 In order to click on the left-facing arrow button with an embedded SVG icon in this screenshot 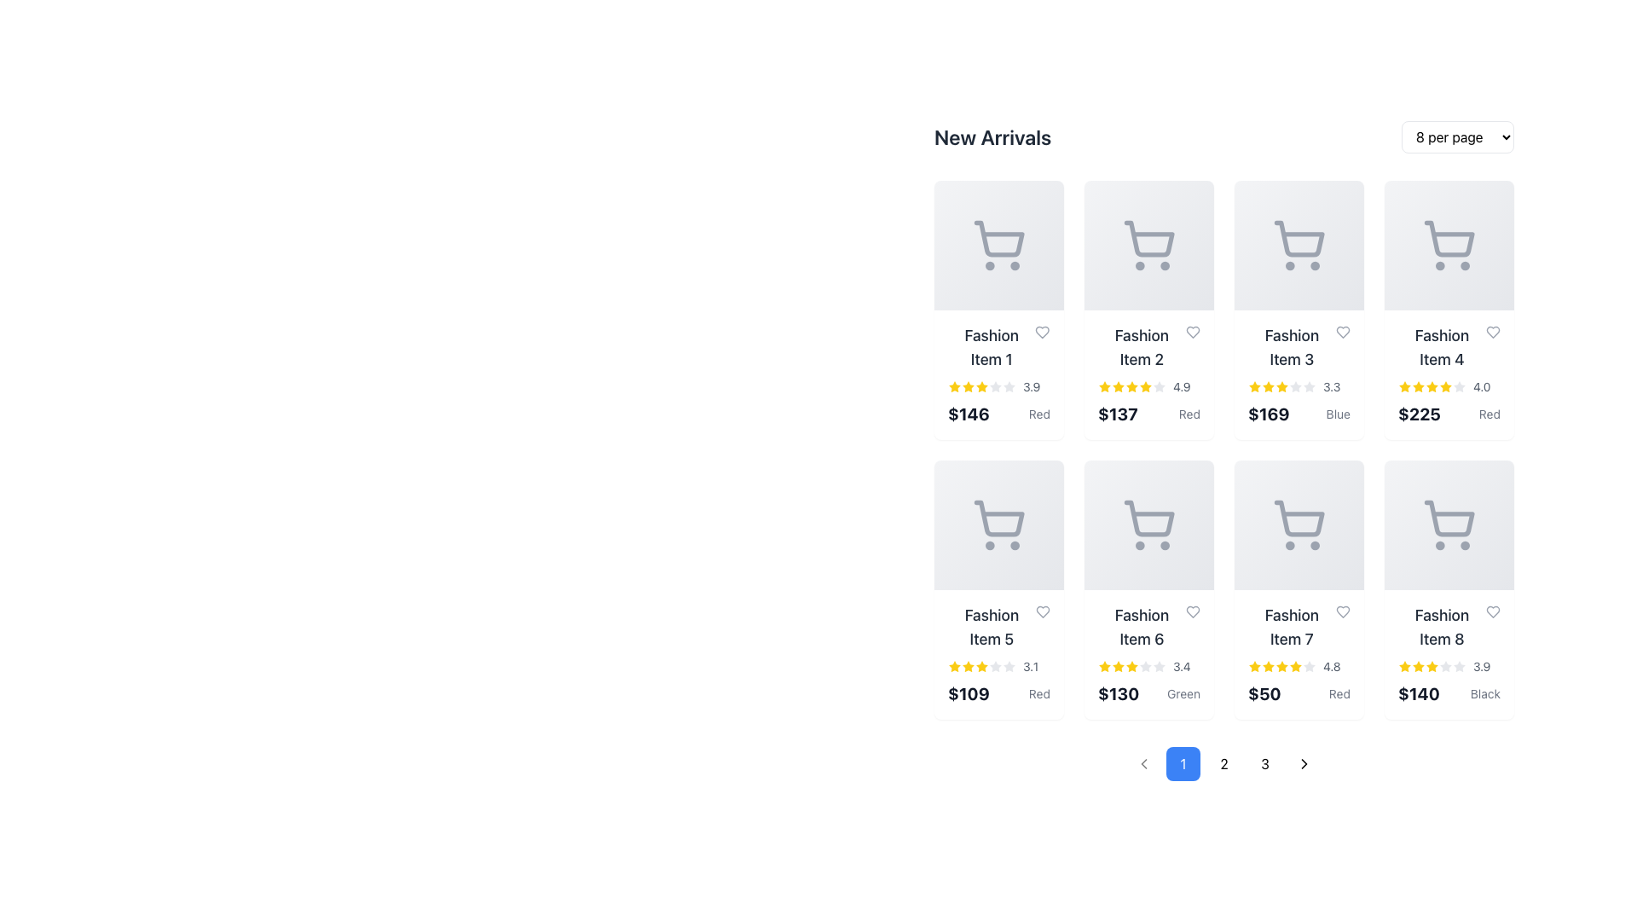, I will do `click(1144, 762)`.